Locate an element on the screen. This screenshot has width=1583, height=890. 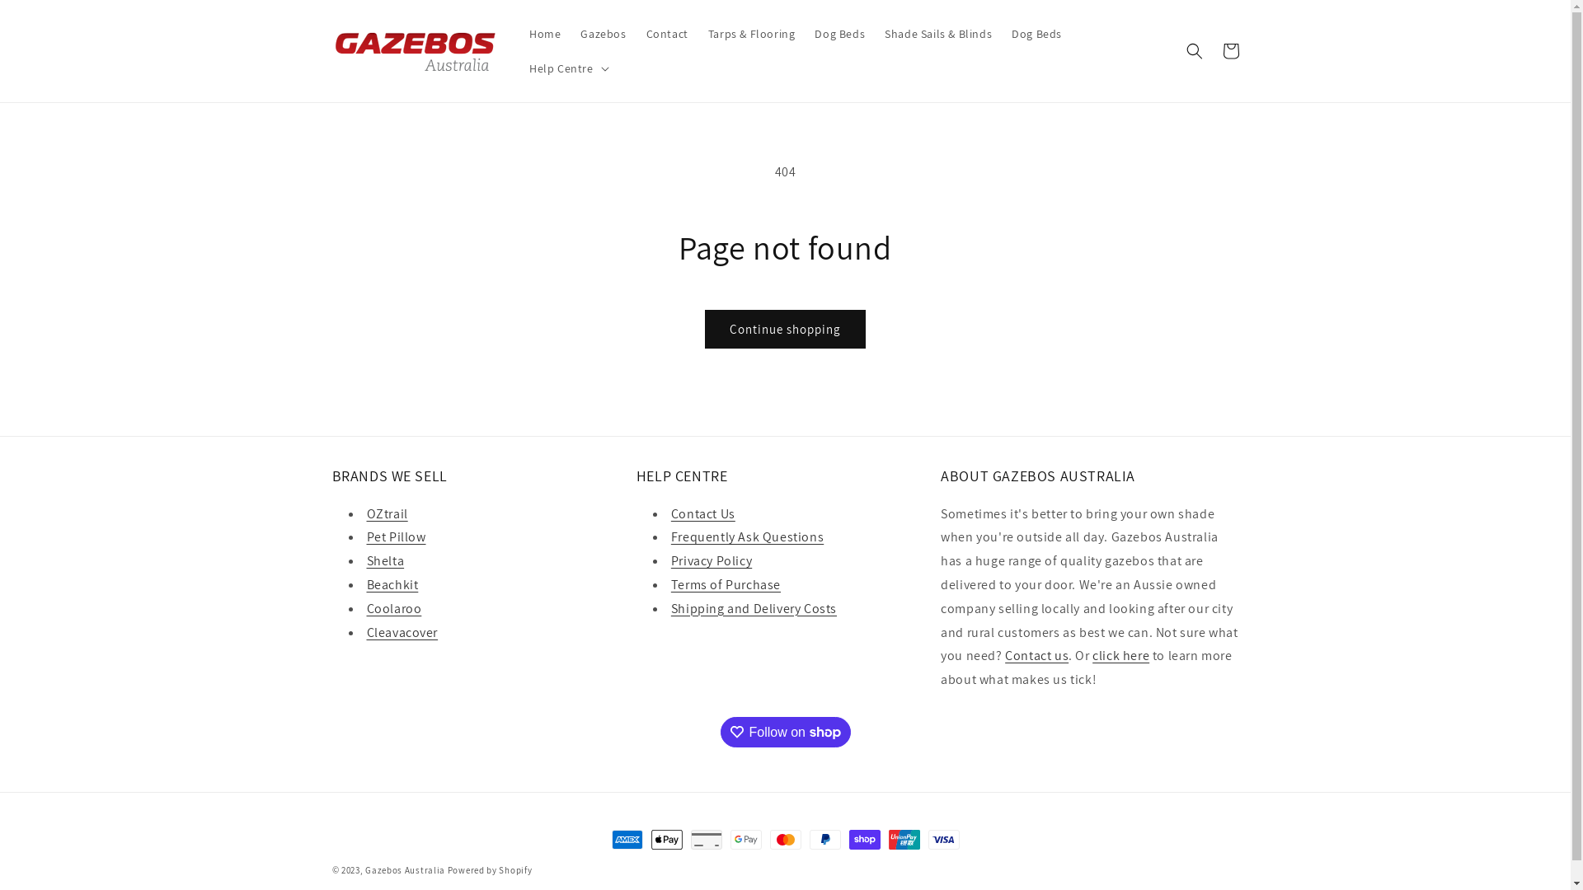
'Home' is located at coordinates (545, 34).